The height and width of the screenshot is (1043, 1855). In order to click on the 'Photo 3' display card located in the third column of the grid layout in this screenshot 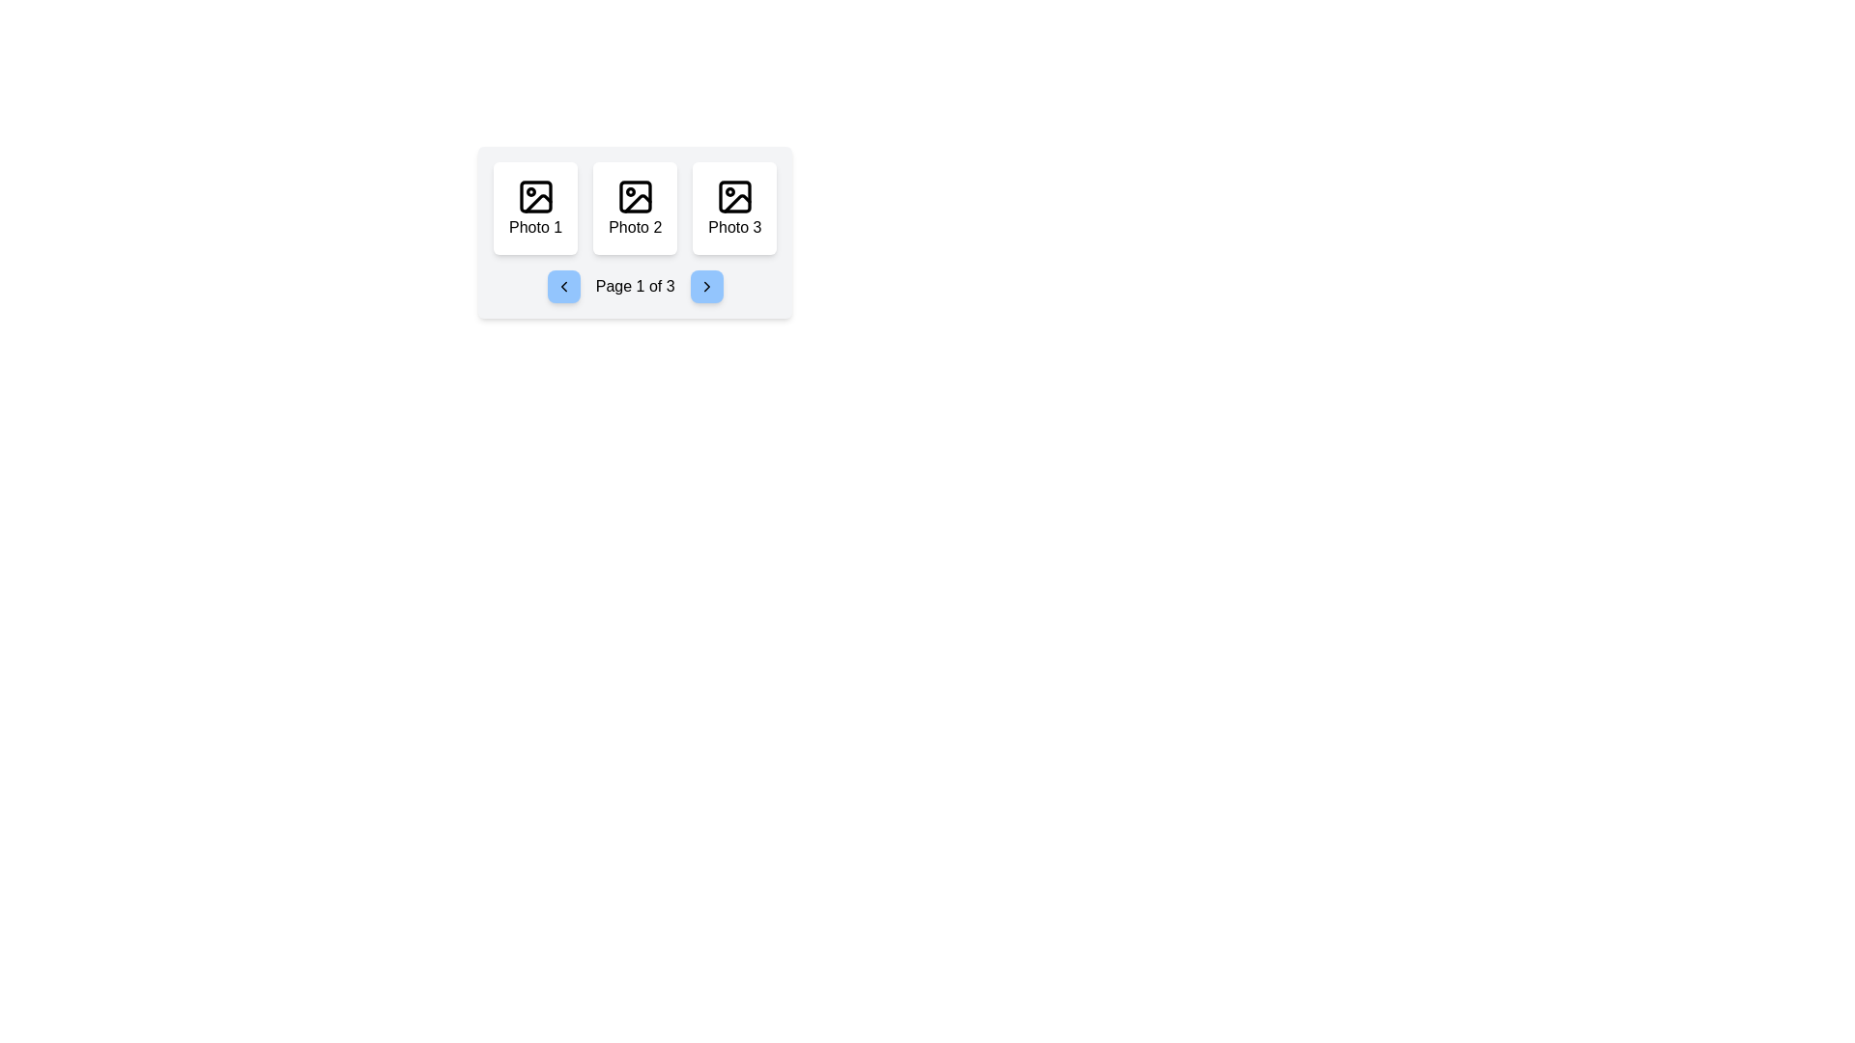, I will do `click(733, 209)`.